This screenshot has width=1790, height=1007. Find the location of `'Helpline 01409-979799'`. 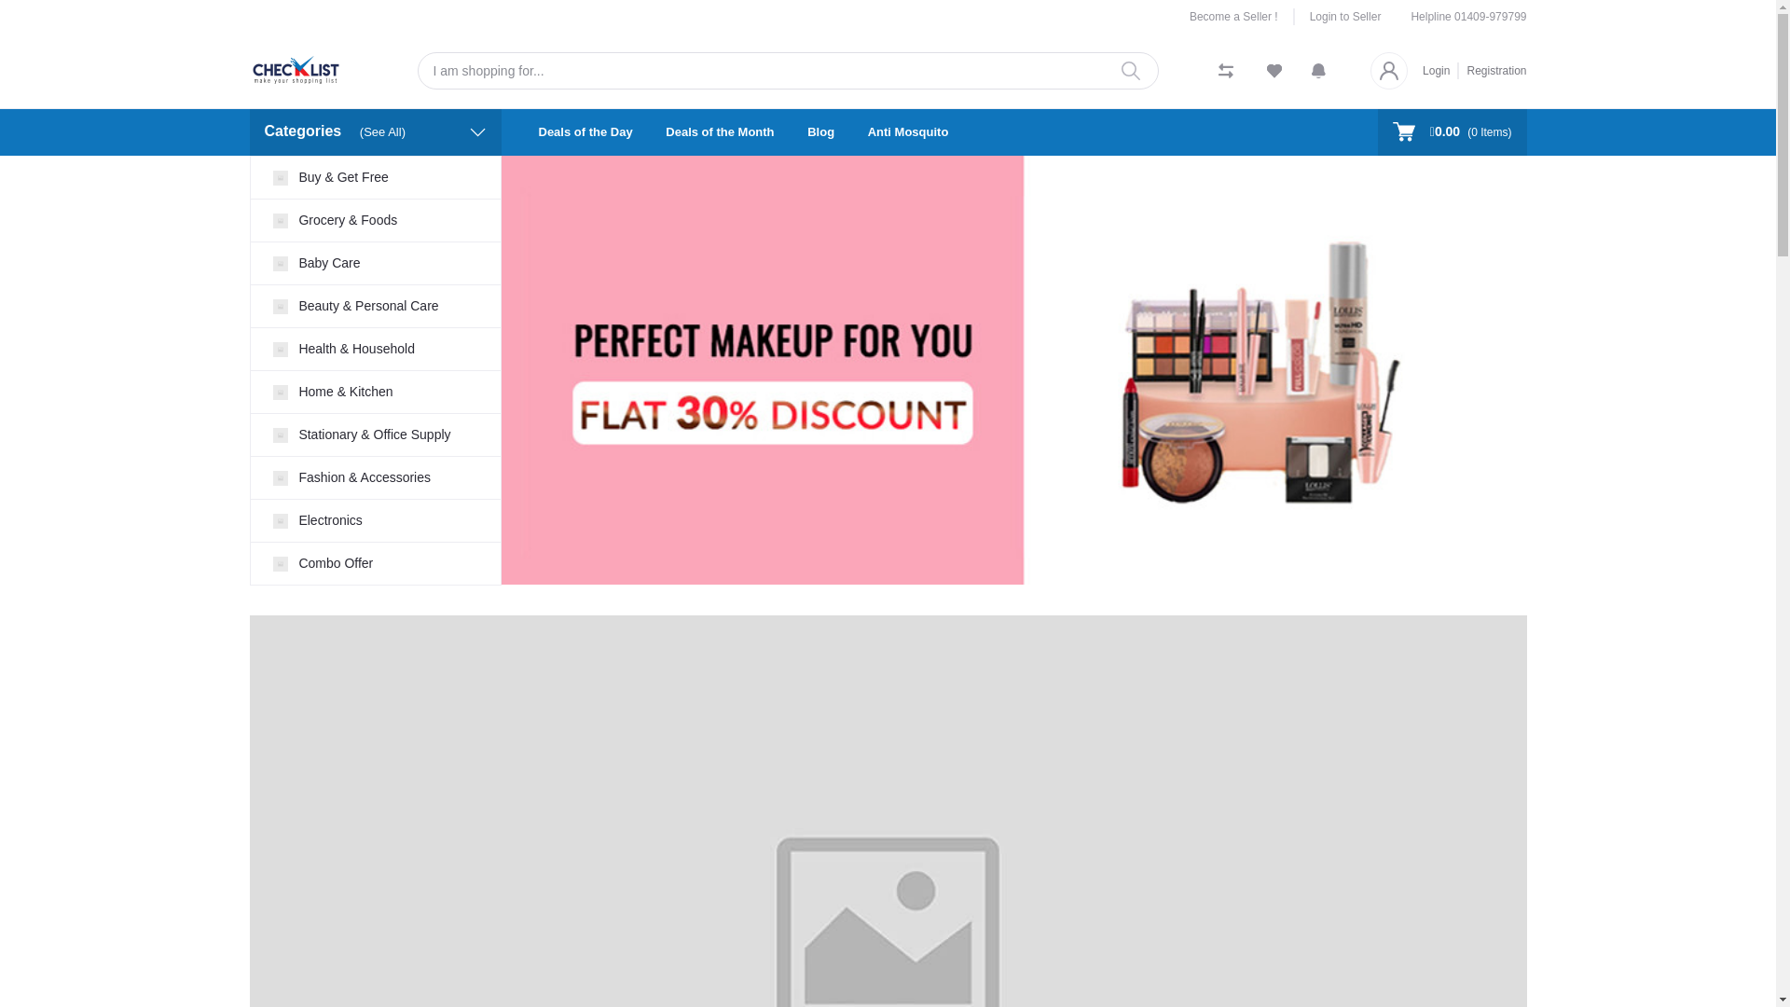

'Helpline 01409-979799' is located at coordinates (1410, 17).